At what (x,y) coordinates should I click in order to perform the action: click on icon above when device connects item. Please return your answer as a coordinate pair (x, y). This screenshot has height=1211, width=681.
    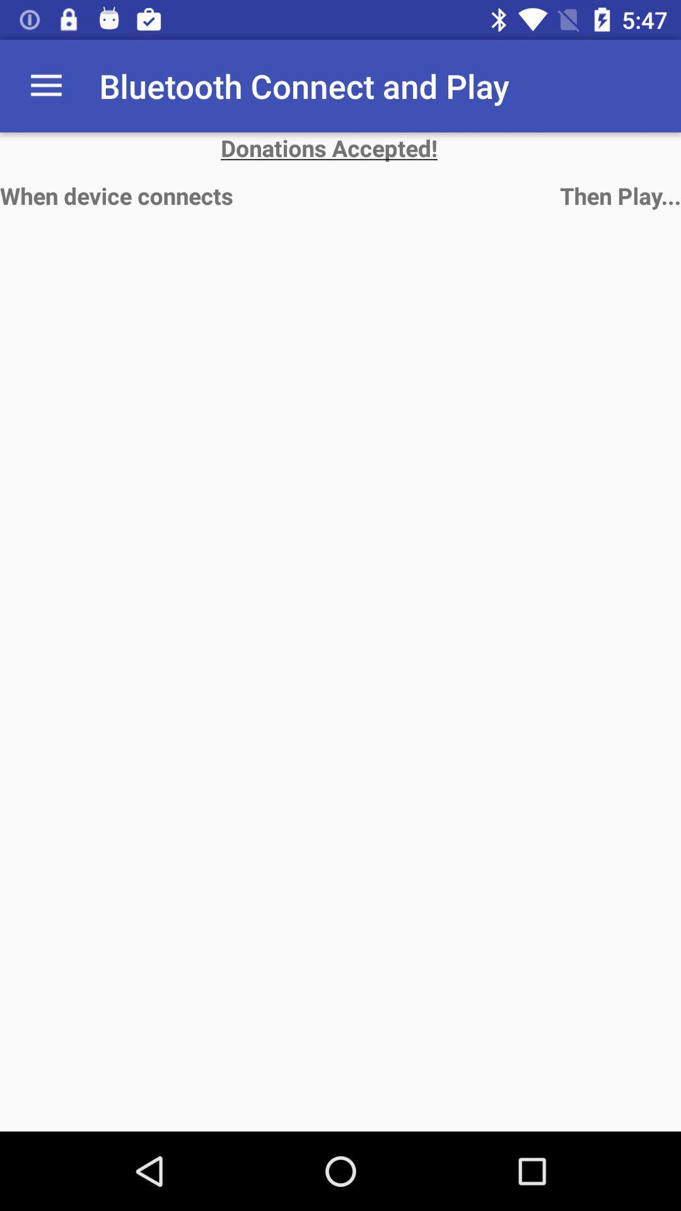
    Looking at the image, I should click on (340, 148).